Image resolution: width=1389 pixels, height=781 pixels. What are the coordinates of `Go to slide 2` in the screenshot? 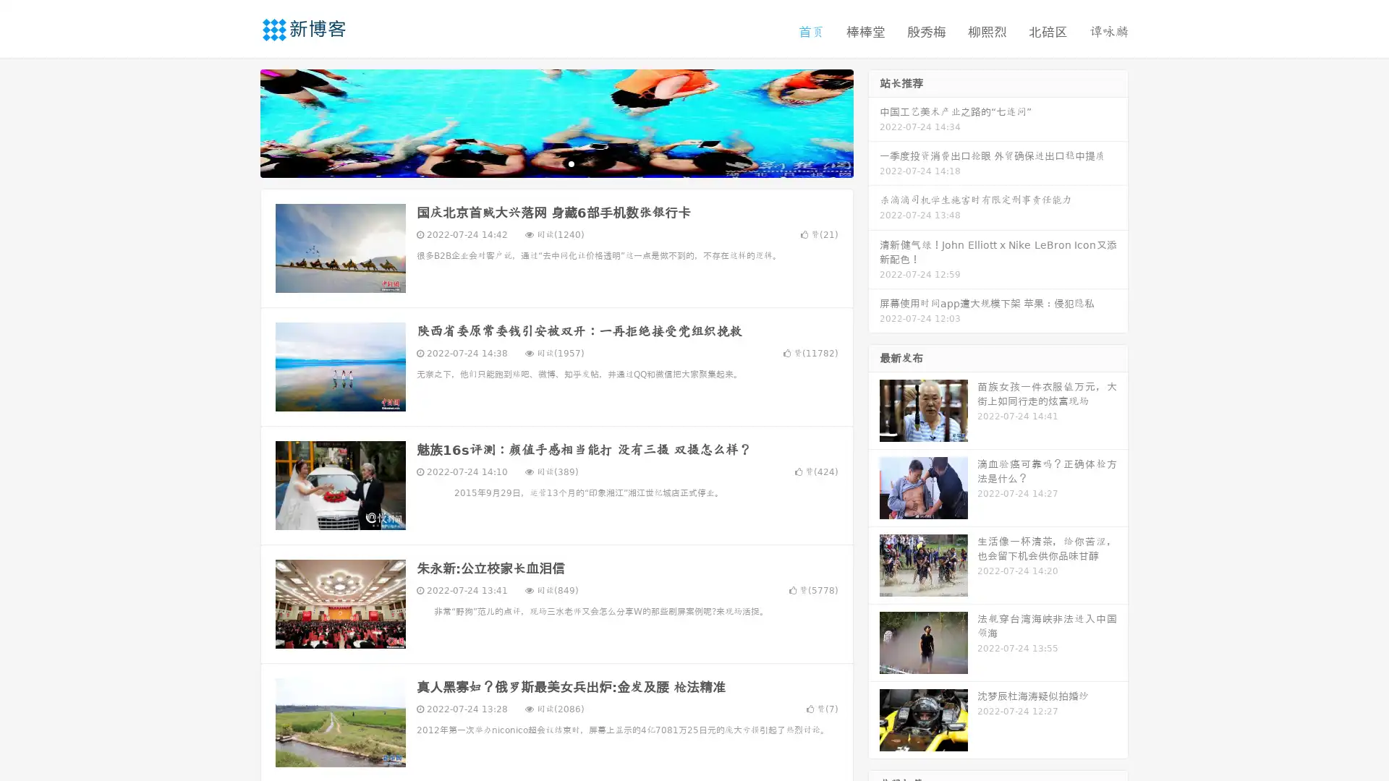 It's located at (556, 163).